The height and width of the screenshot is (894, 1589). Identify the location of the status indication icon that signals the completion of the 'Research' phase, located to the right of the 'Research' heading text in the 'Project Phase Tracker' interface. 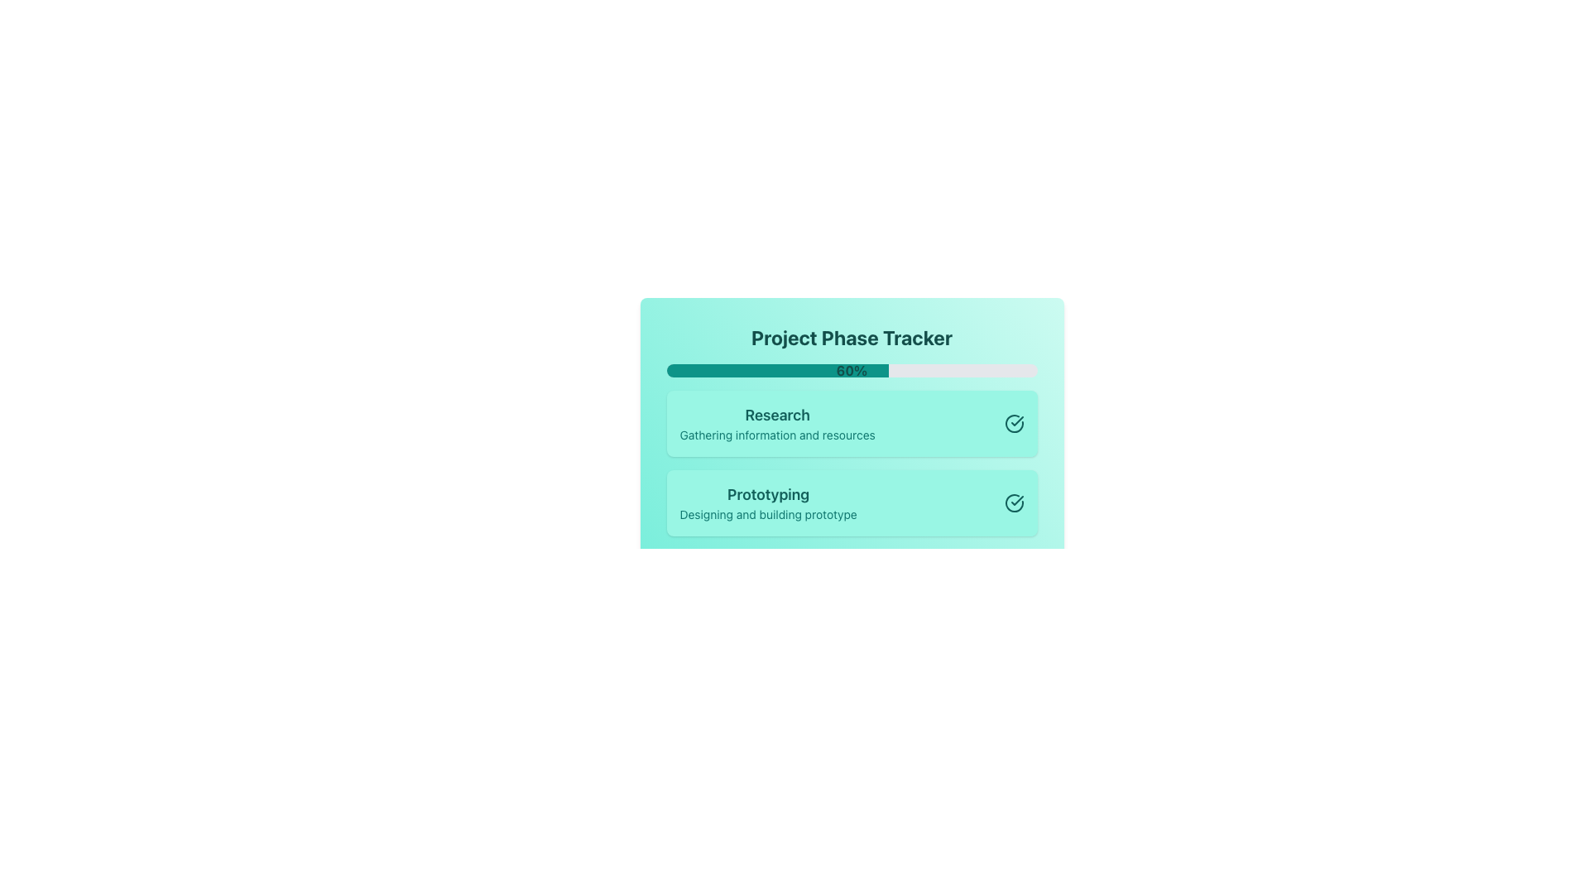
(1013, 423).